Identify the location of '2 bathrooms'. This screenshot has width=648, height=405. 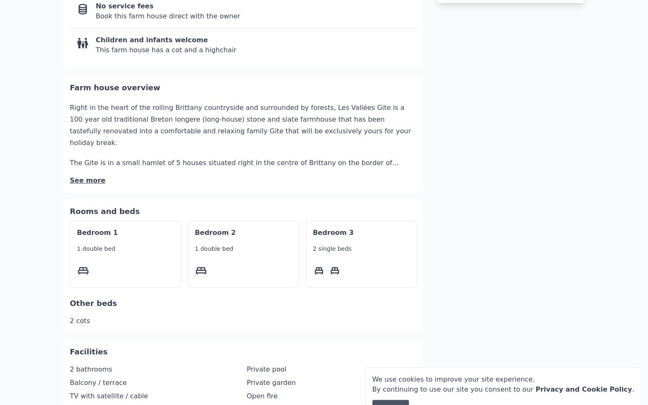
(90, 344).